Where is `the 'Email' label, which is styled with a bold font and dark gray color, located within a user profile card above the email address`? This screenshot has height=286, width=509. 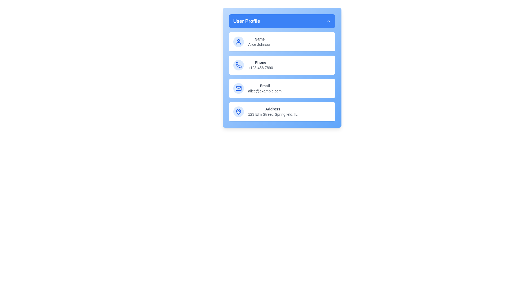
the 'Email' label, which is styled with a bold font and dark gray color, located within a user profile card above the email address is located at coordinates (265, 86).